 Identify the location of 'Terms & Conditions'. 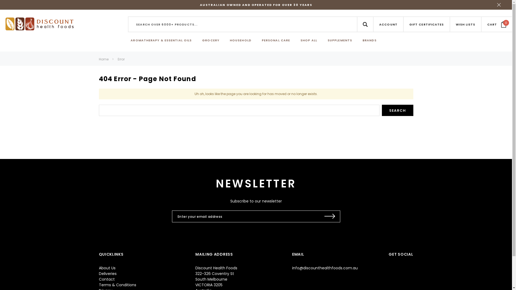
(117, 284).